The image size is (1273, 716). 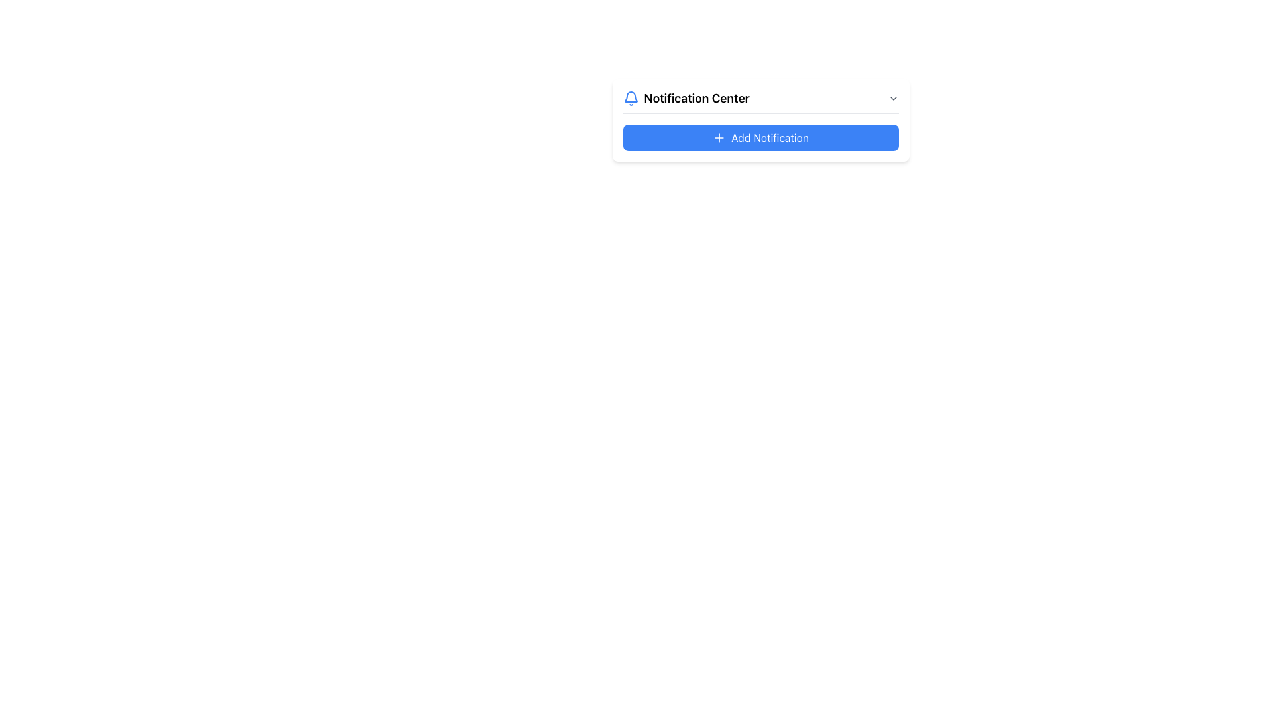 I want to click on the decorative icon located on the left side of the 'Add Notification' button, which symbolizes adding a new notification, so click(x=719, y=138).